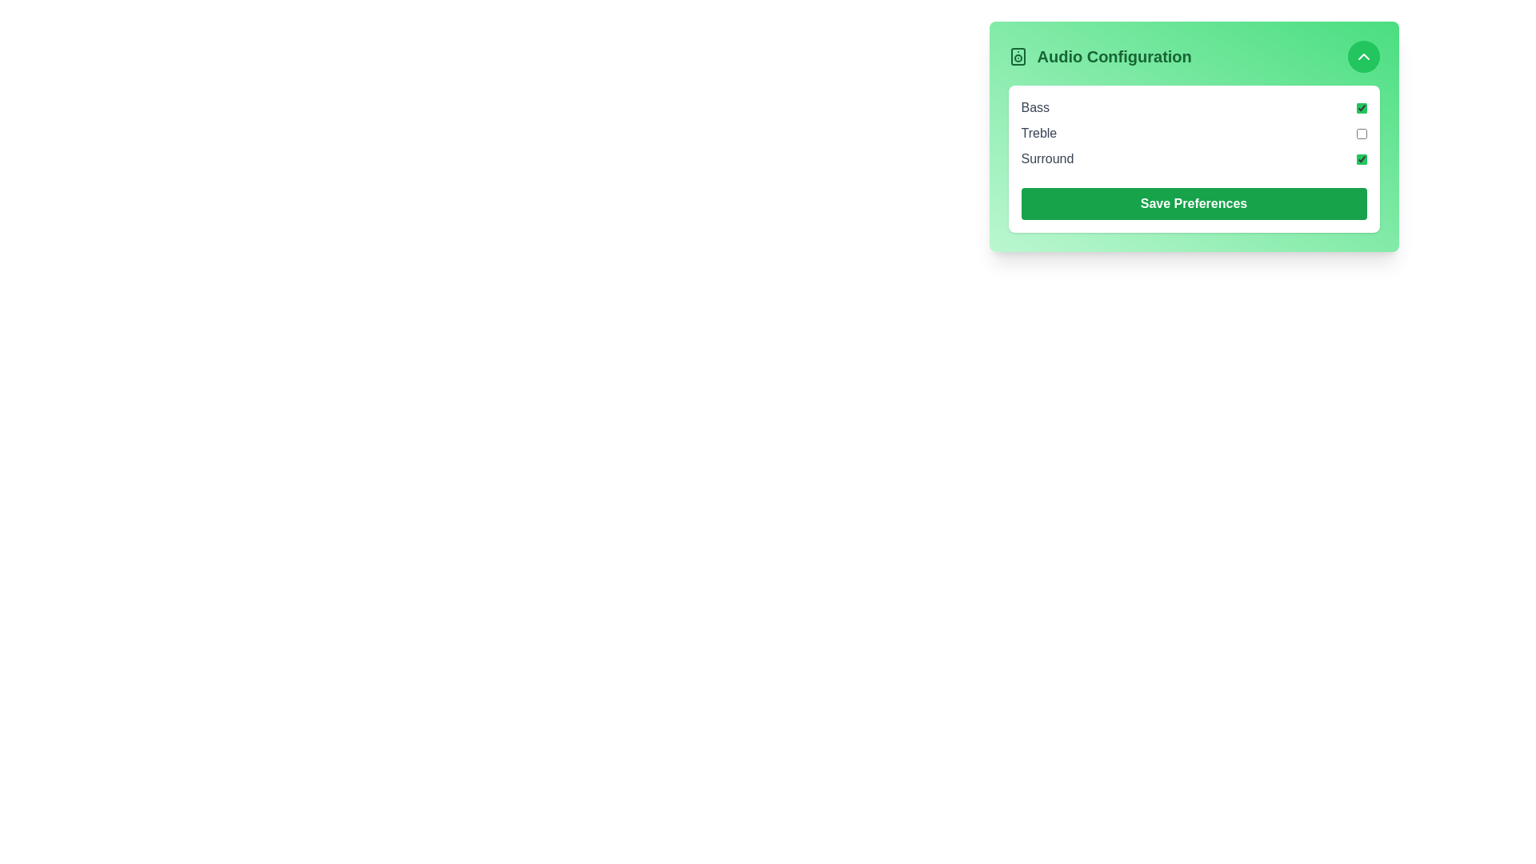 This screenshot has width=1536, height=864. Describe the element at coordinates (1017, 55) in the screenshot. I see `the rectangular graphical element of the speaker icon located to the left of the 'Audio Configuration' heading in the audio configuration panel` at that location.